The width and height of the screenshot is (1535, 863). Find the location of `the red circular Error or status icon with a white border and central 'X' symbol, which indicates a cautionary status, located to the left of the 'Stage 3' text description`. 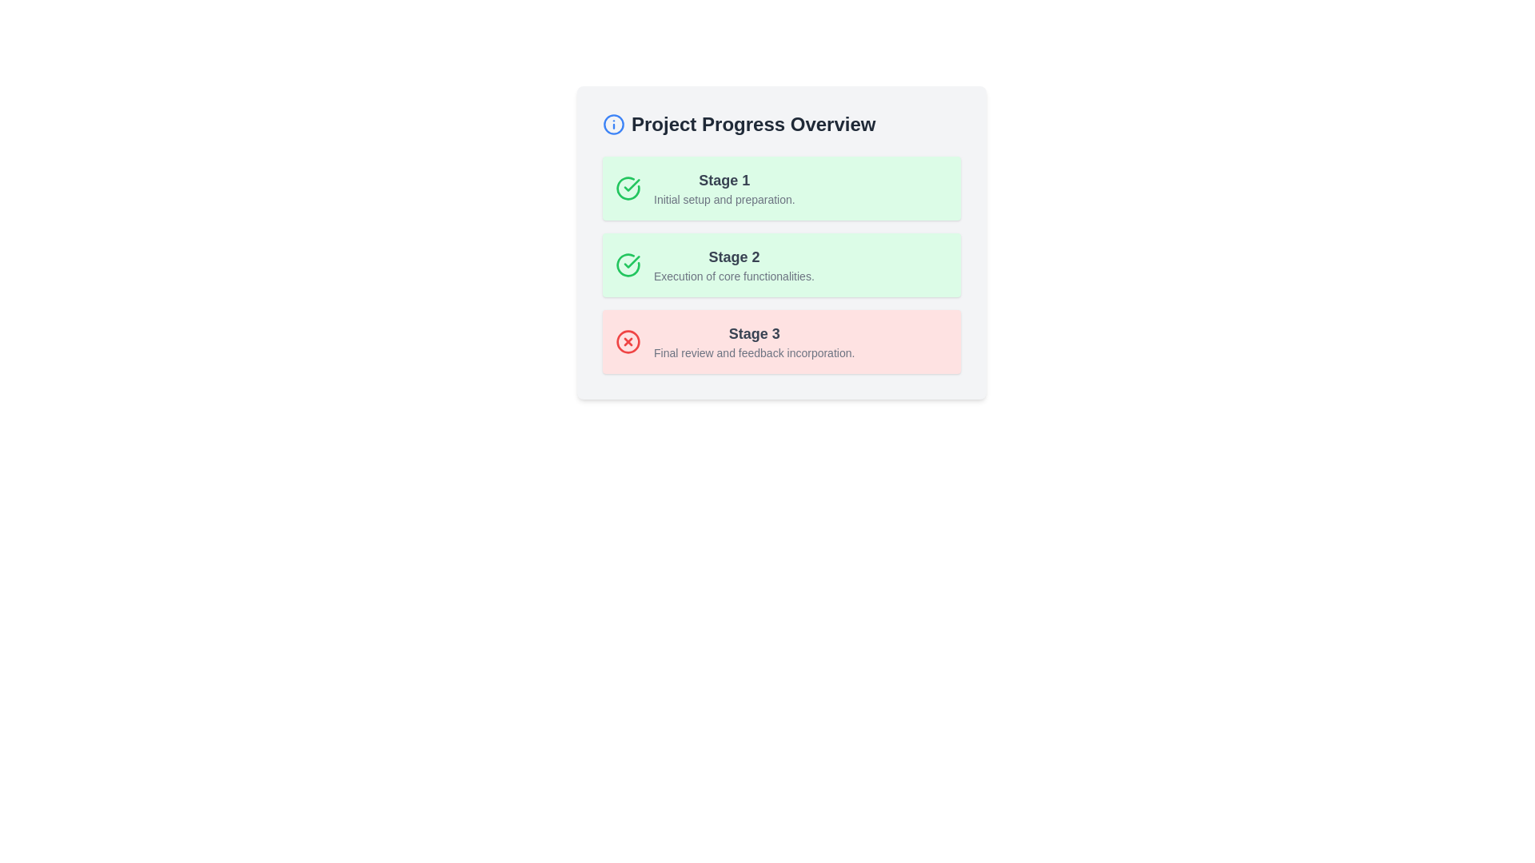

the red circular Error or status icon with a white border and central 'X' symbol, which indicates a cautionary status, located to the left of the 'Stage 3' text description is located at coordinates (628, 341).